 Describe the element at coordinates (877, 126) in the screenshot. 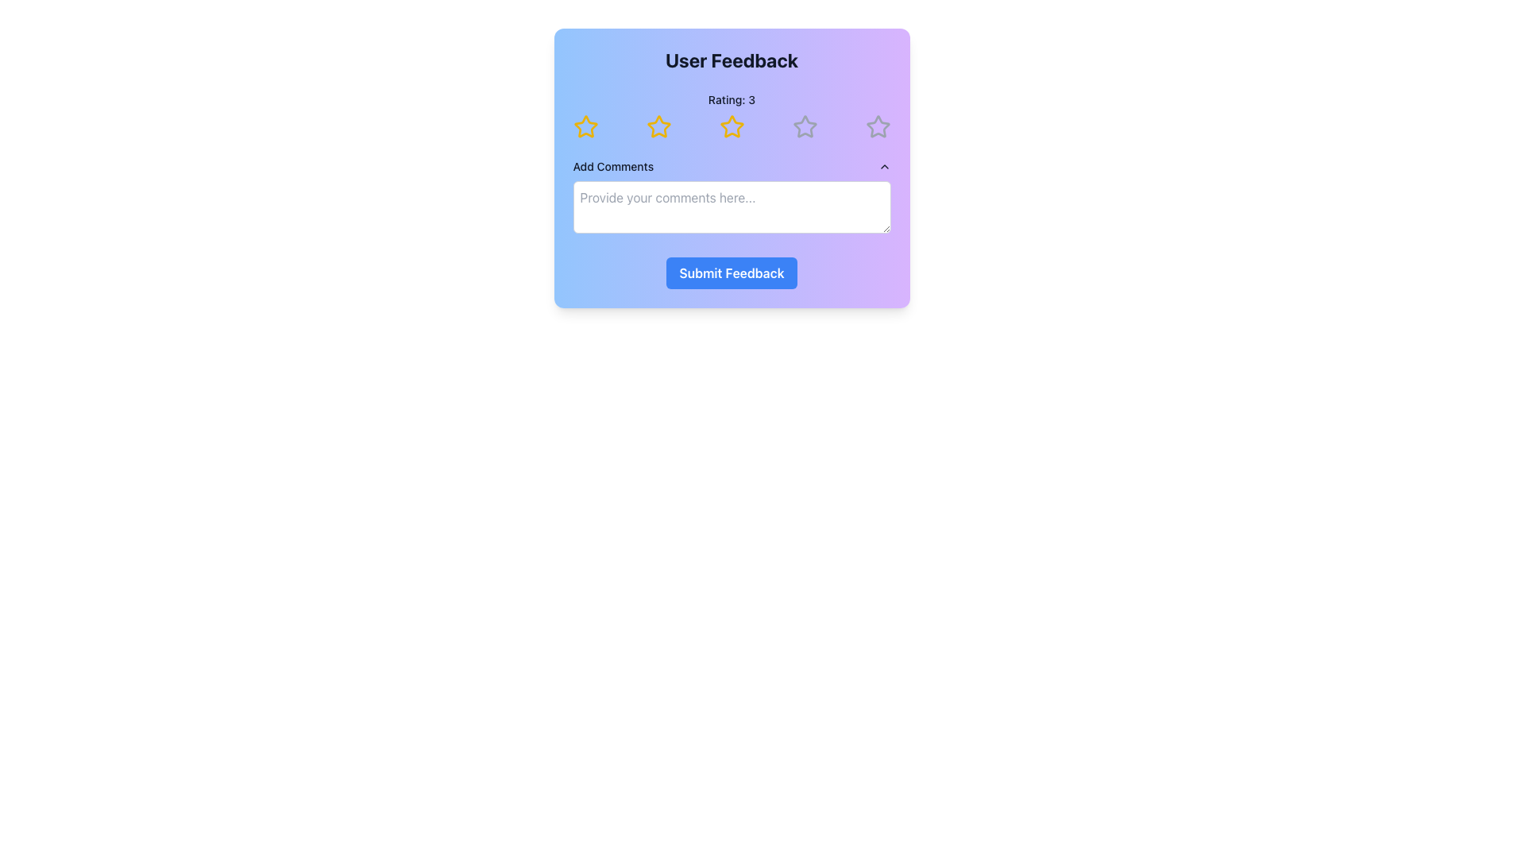

I see `the fifth star in the User Feedback panel to provide a rating of 5` at that location.